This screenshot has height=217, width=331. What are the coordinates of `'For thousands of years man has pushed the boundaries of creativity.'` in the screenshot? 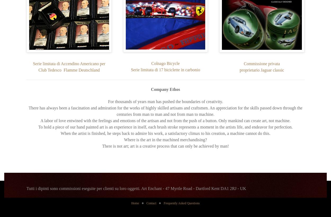 It's located at (165, 101).